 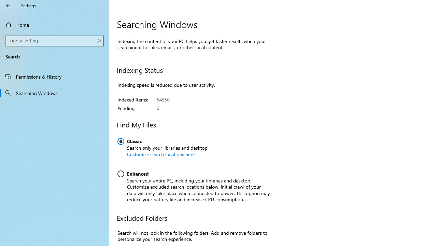 I want to click on 'Permissions & History', so click(x=55, y=76).